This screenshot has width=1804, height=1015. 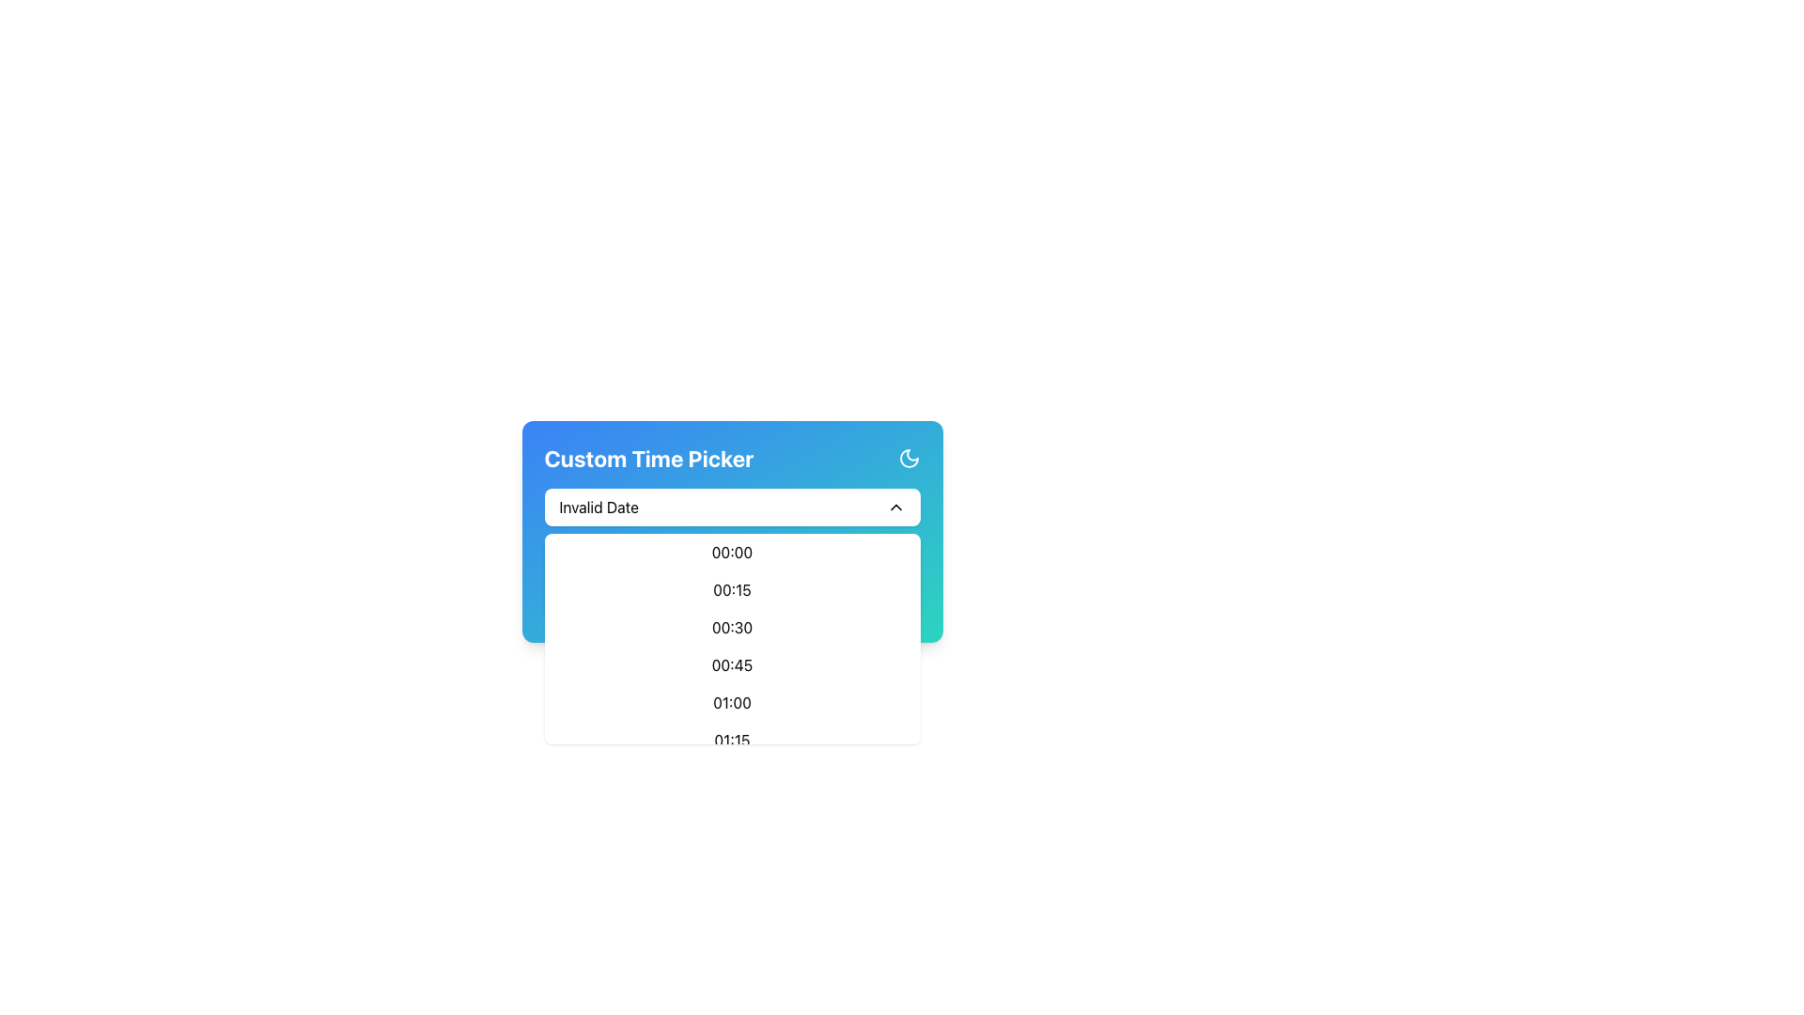 I want to click on the dropdown menu labeled 'Invalid Date', so click(x=731, y=507).